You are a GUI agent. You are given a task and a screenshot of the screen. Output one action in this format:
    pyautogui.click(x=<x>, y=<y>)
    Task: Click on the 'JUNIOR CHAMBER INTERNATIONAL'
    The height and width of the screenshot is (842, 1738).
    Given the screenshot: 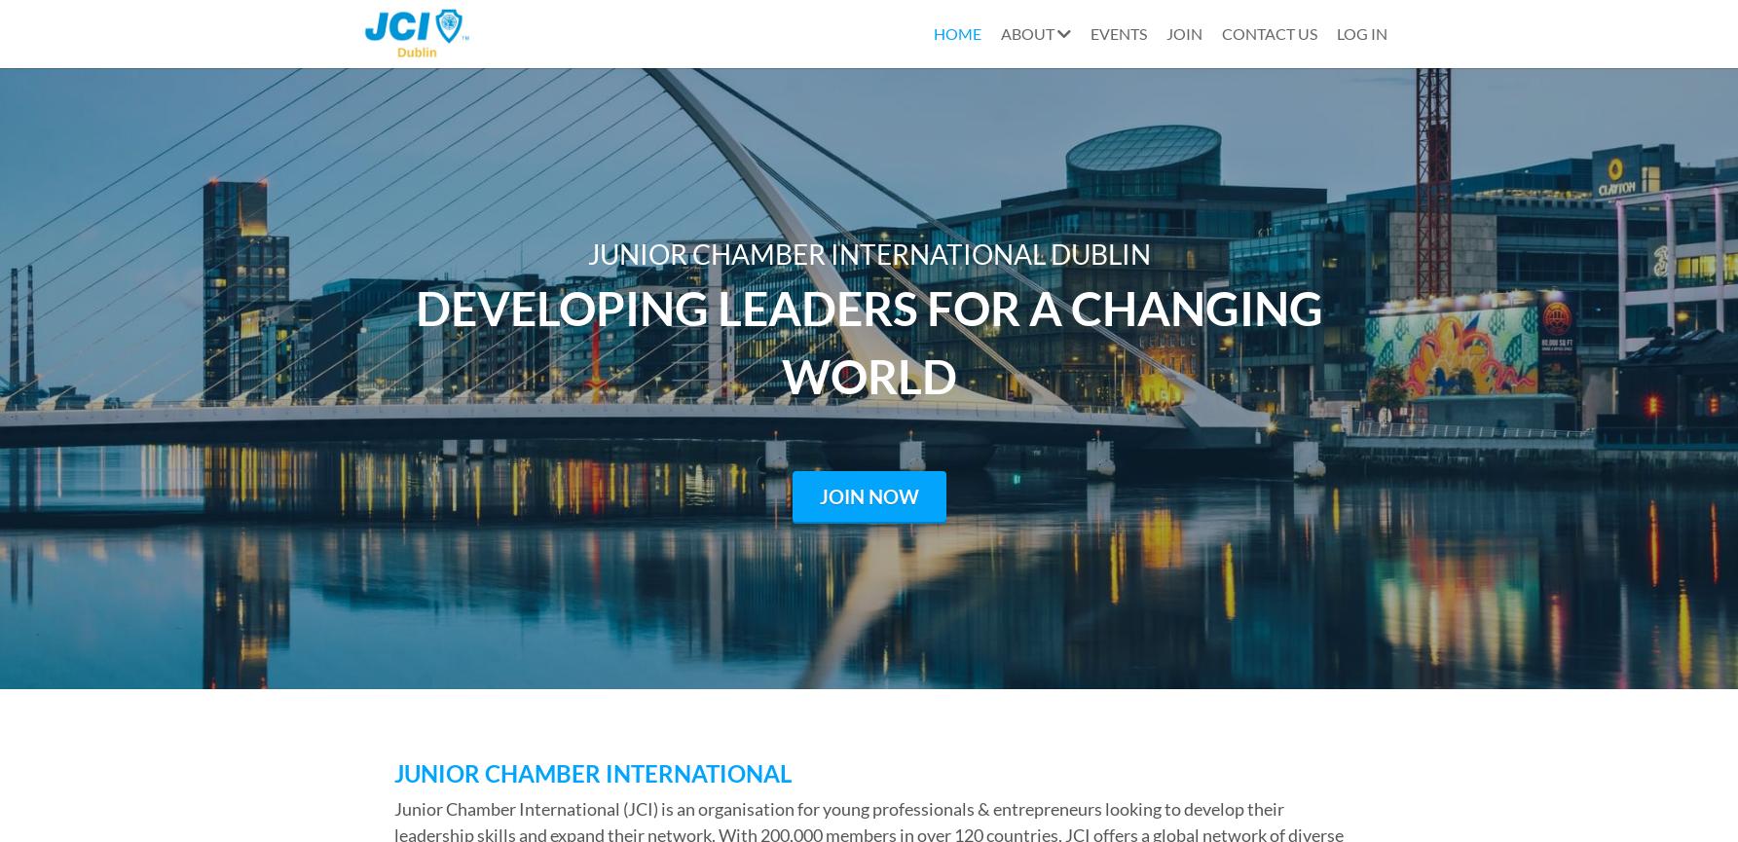 What is the action you would take?
    pyautogui.click(x=591, y=771)
    